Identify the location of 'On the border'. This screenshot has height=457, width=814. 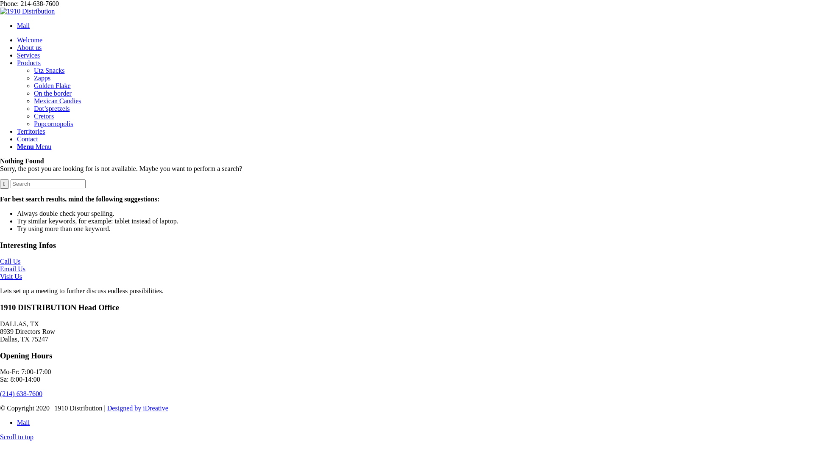
(52, 93).